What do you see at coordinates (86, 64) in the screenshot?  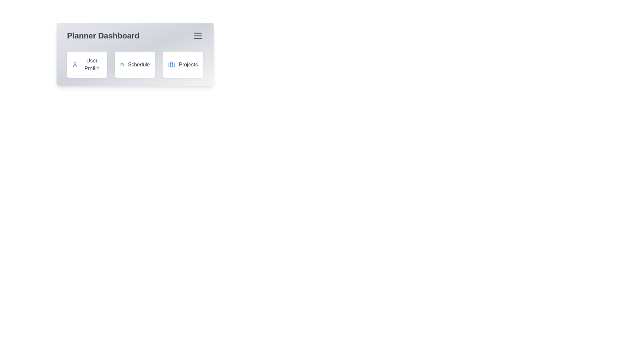 I see `the 'User Profile' button` at bounding box center [86, 64].